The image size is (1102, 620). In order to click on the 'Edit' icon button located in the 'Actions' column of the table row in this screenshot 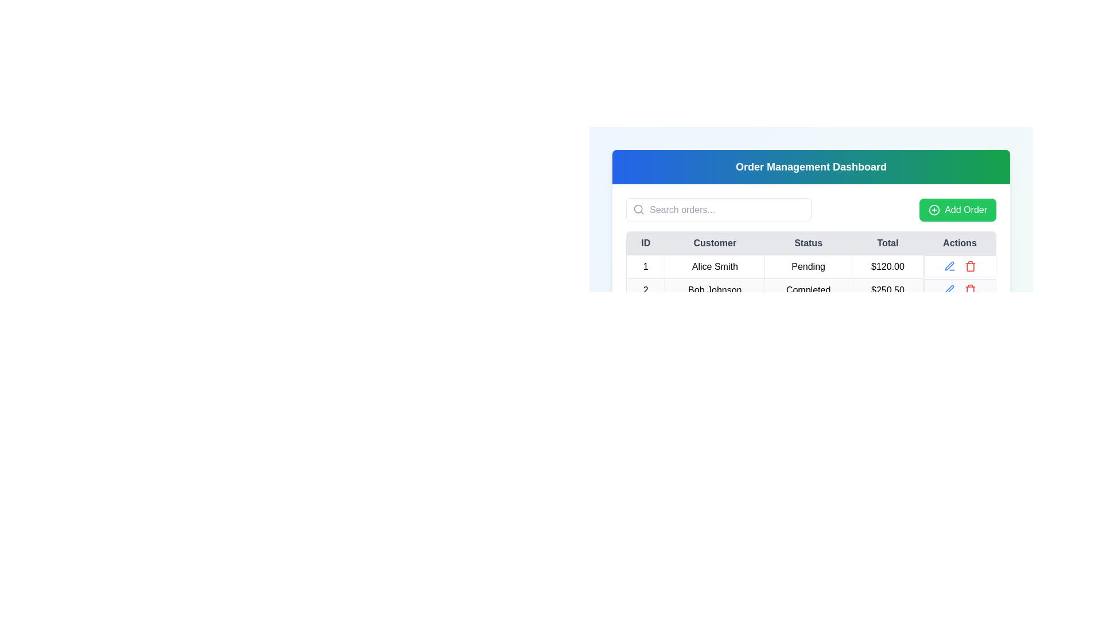, I will do `click(949, 266)`.